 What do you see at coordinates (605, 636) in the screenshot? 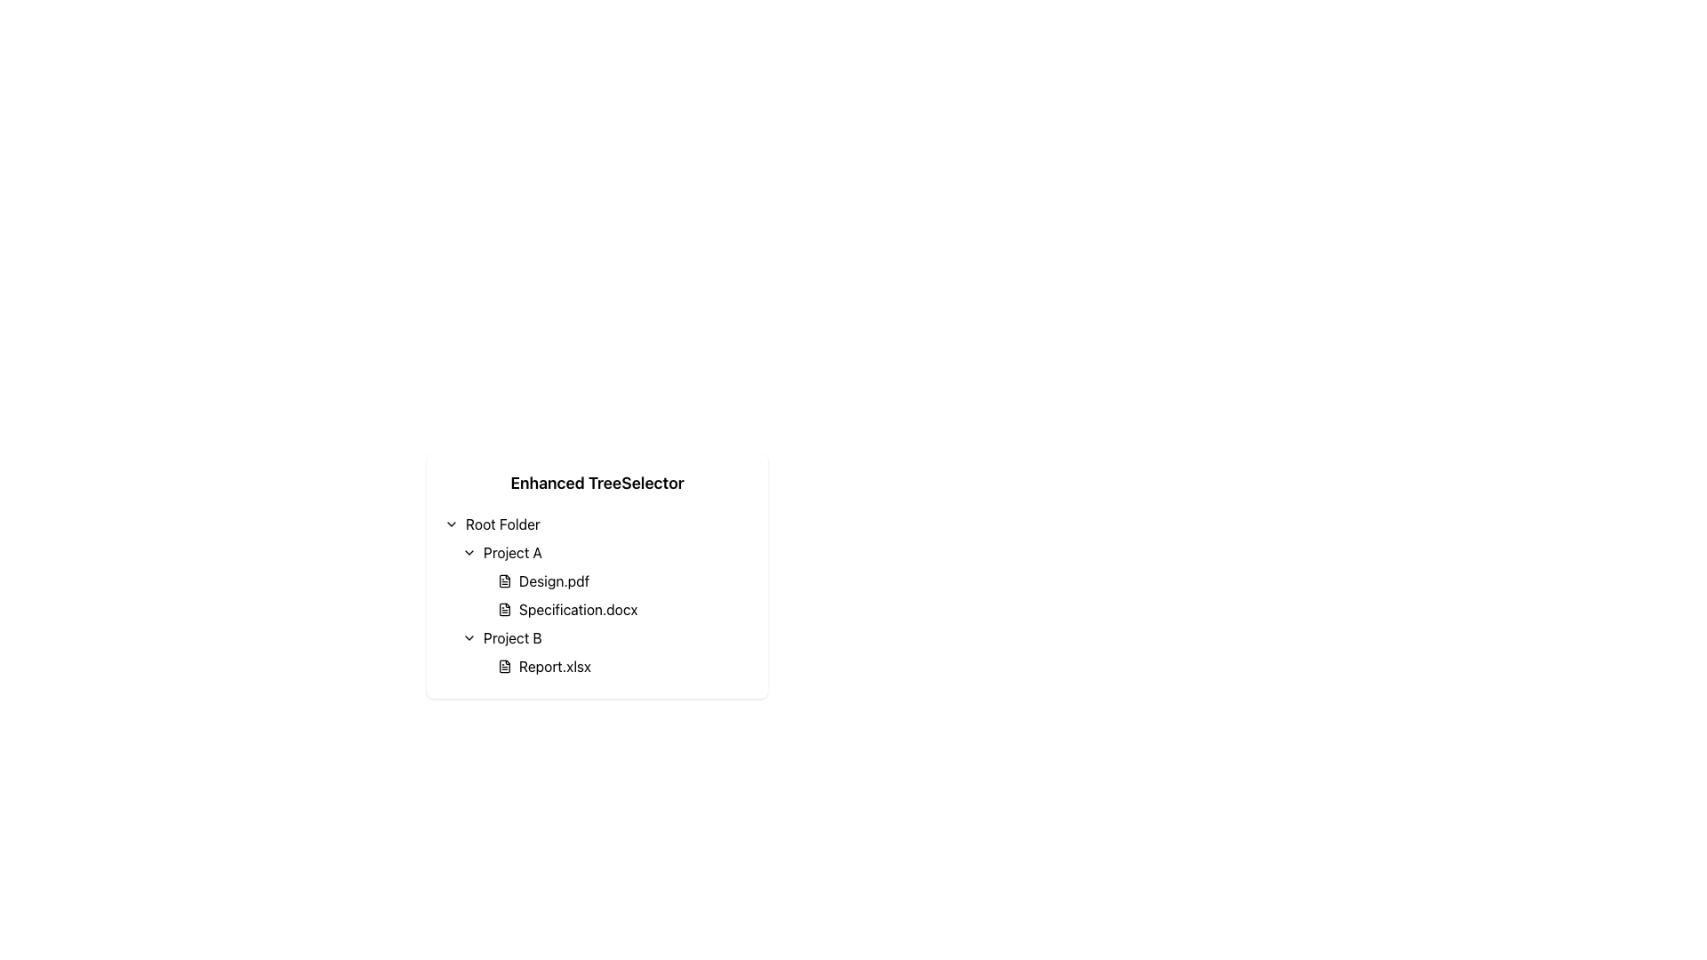
I see `the Collapsible Tree Node labeled 'Project B'` at bounding box center [605, 636].